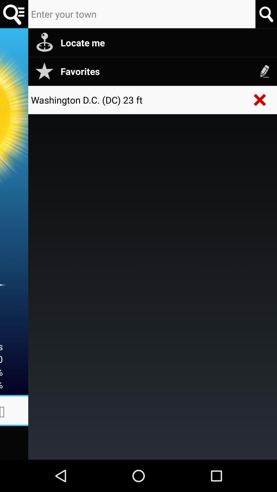  What do you see at coordinates (166, 43) in the screenshot?
I see `locate me item` at bounding box center [166, 43].